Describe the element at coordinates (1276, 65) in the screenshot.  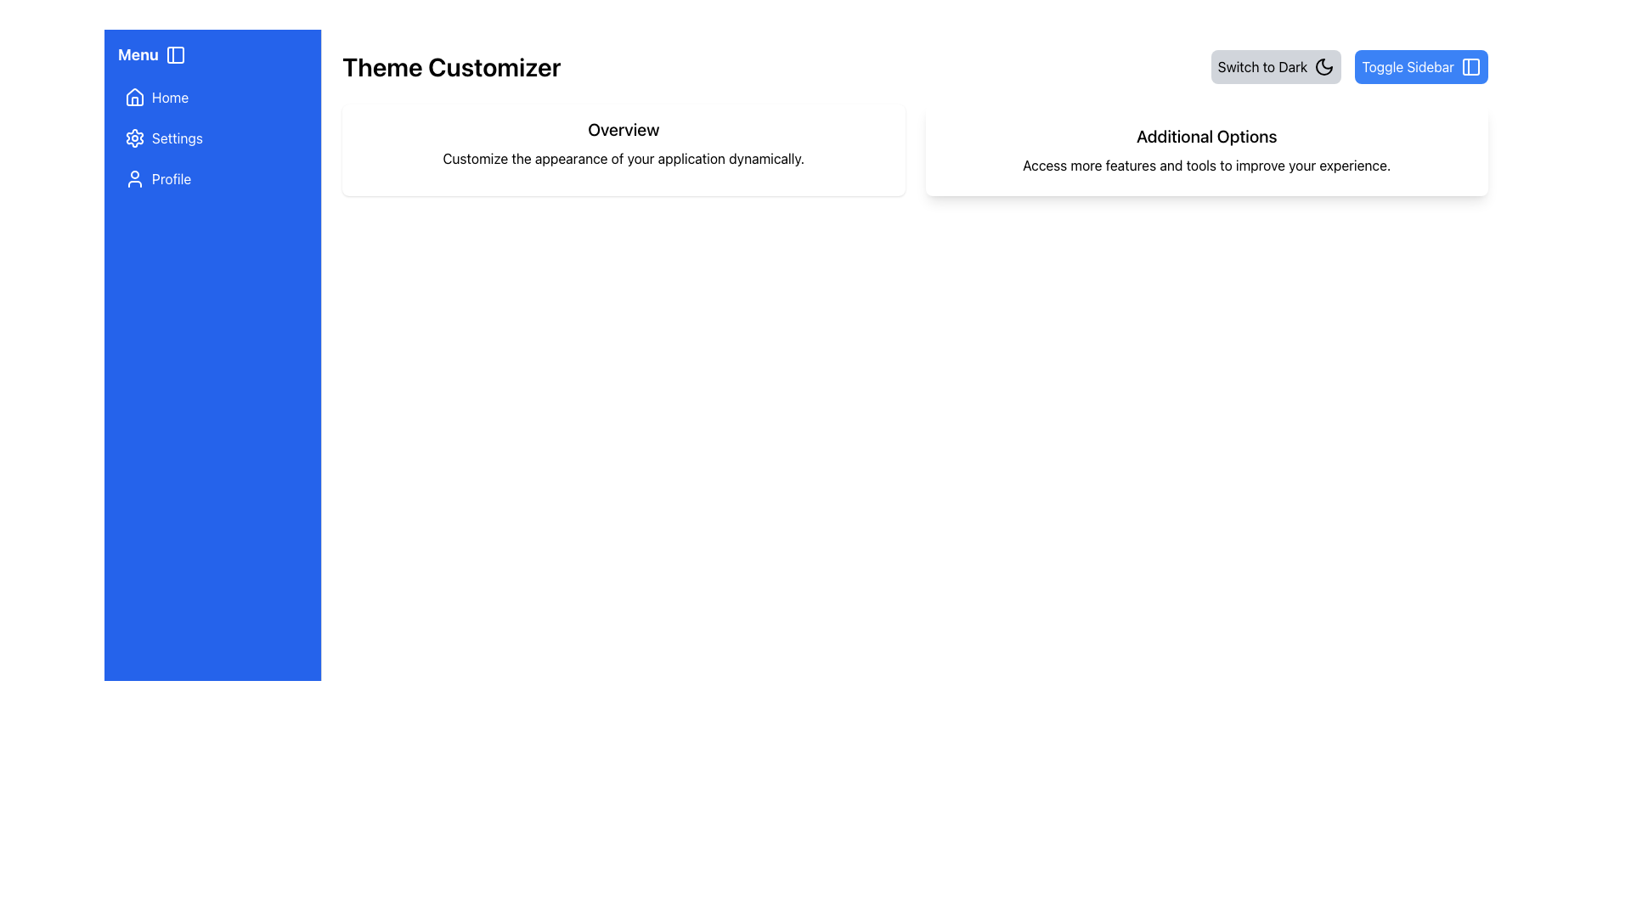
I see `the theme toggle button located in the top-right corner of the interface to switch the application's display mode to dark mode` at that location.